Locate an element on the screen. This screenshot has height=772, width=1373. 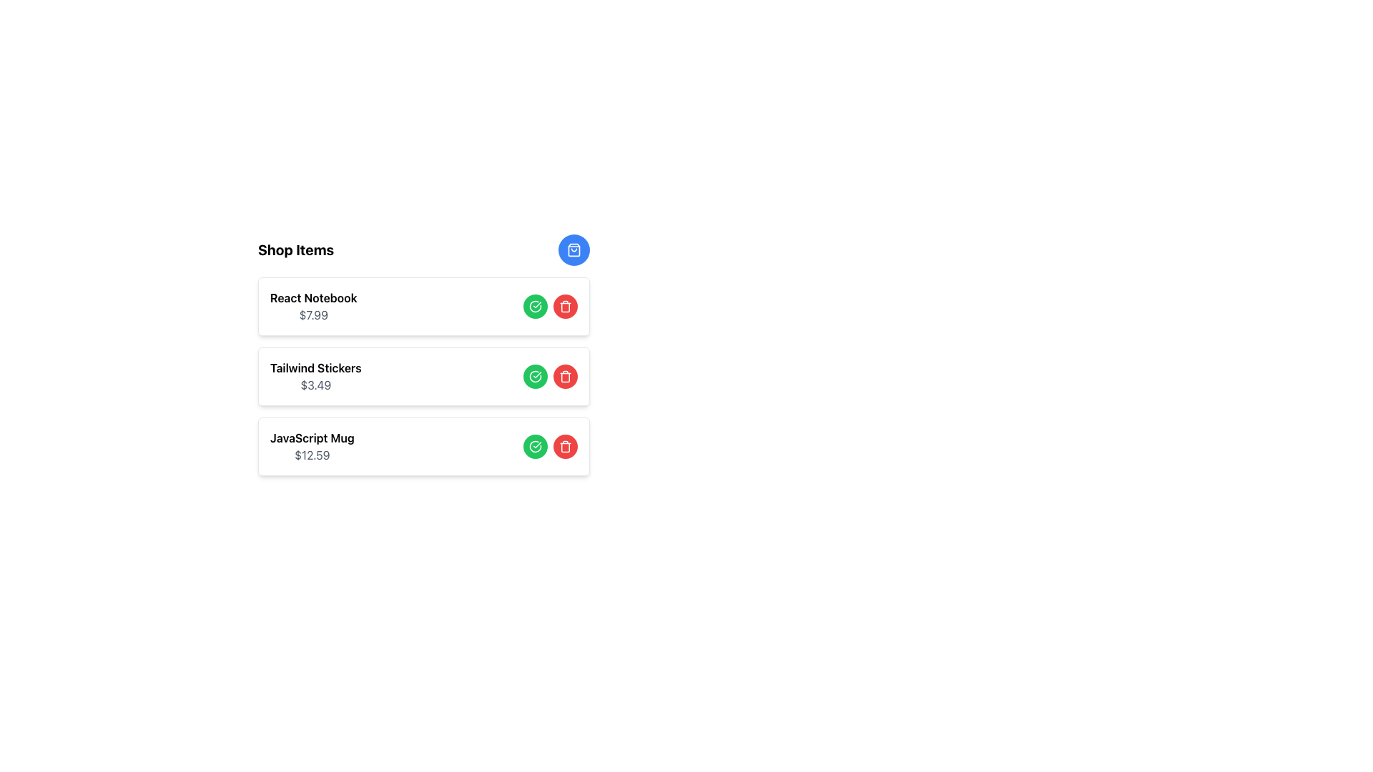
the delete button located to the far right of the 'JavaScript Mug' list item row is located at coordinates (565, 445).